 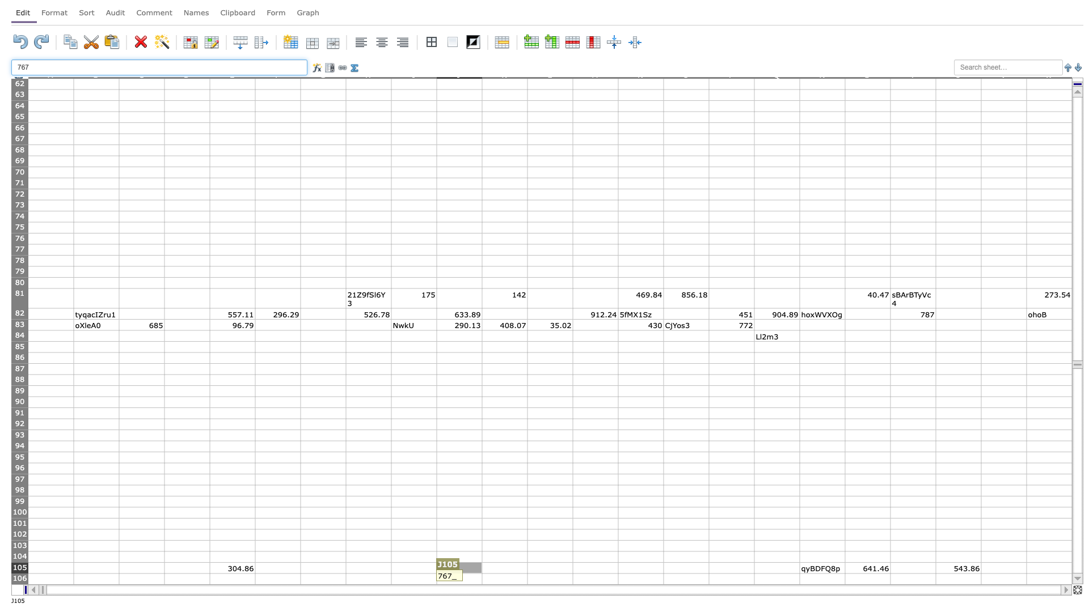 What do you see at coordinates (527, 579) in the screenshot?
I see `Right side of cell K106` at bounding box center [527, 579].